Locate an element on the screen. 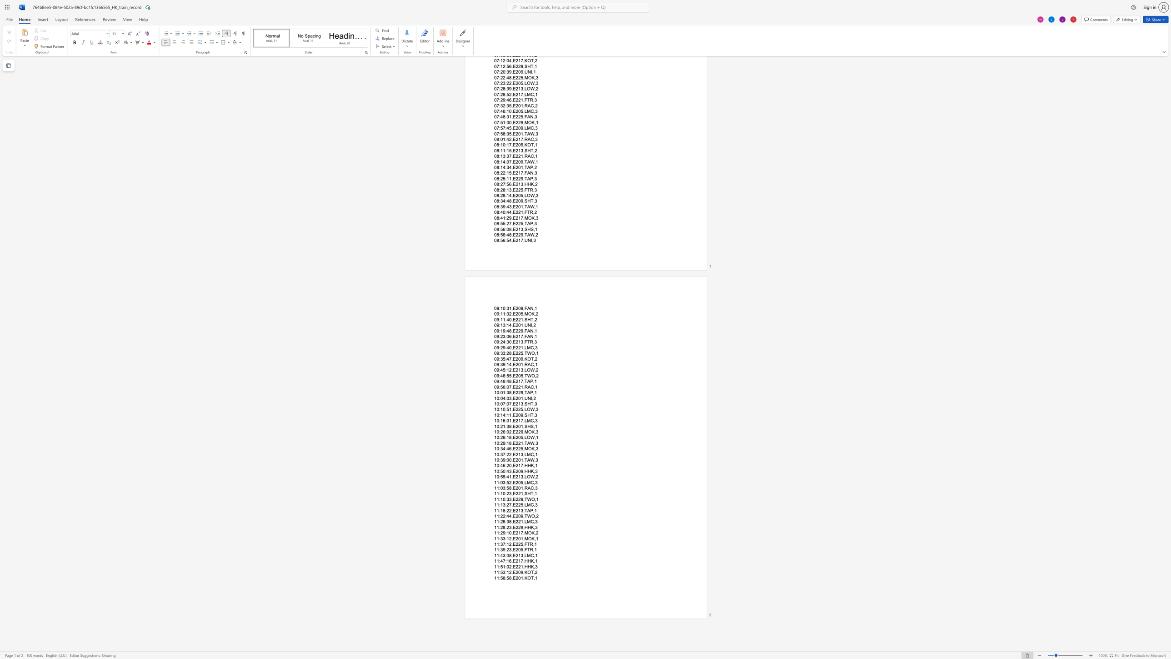 The image size is (1171, 659). the subset text "205," within the text "11:39:23,E205,FTR,1" is located at coordinates (515, 549).